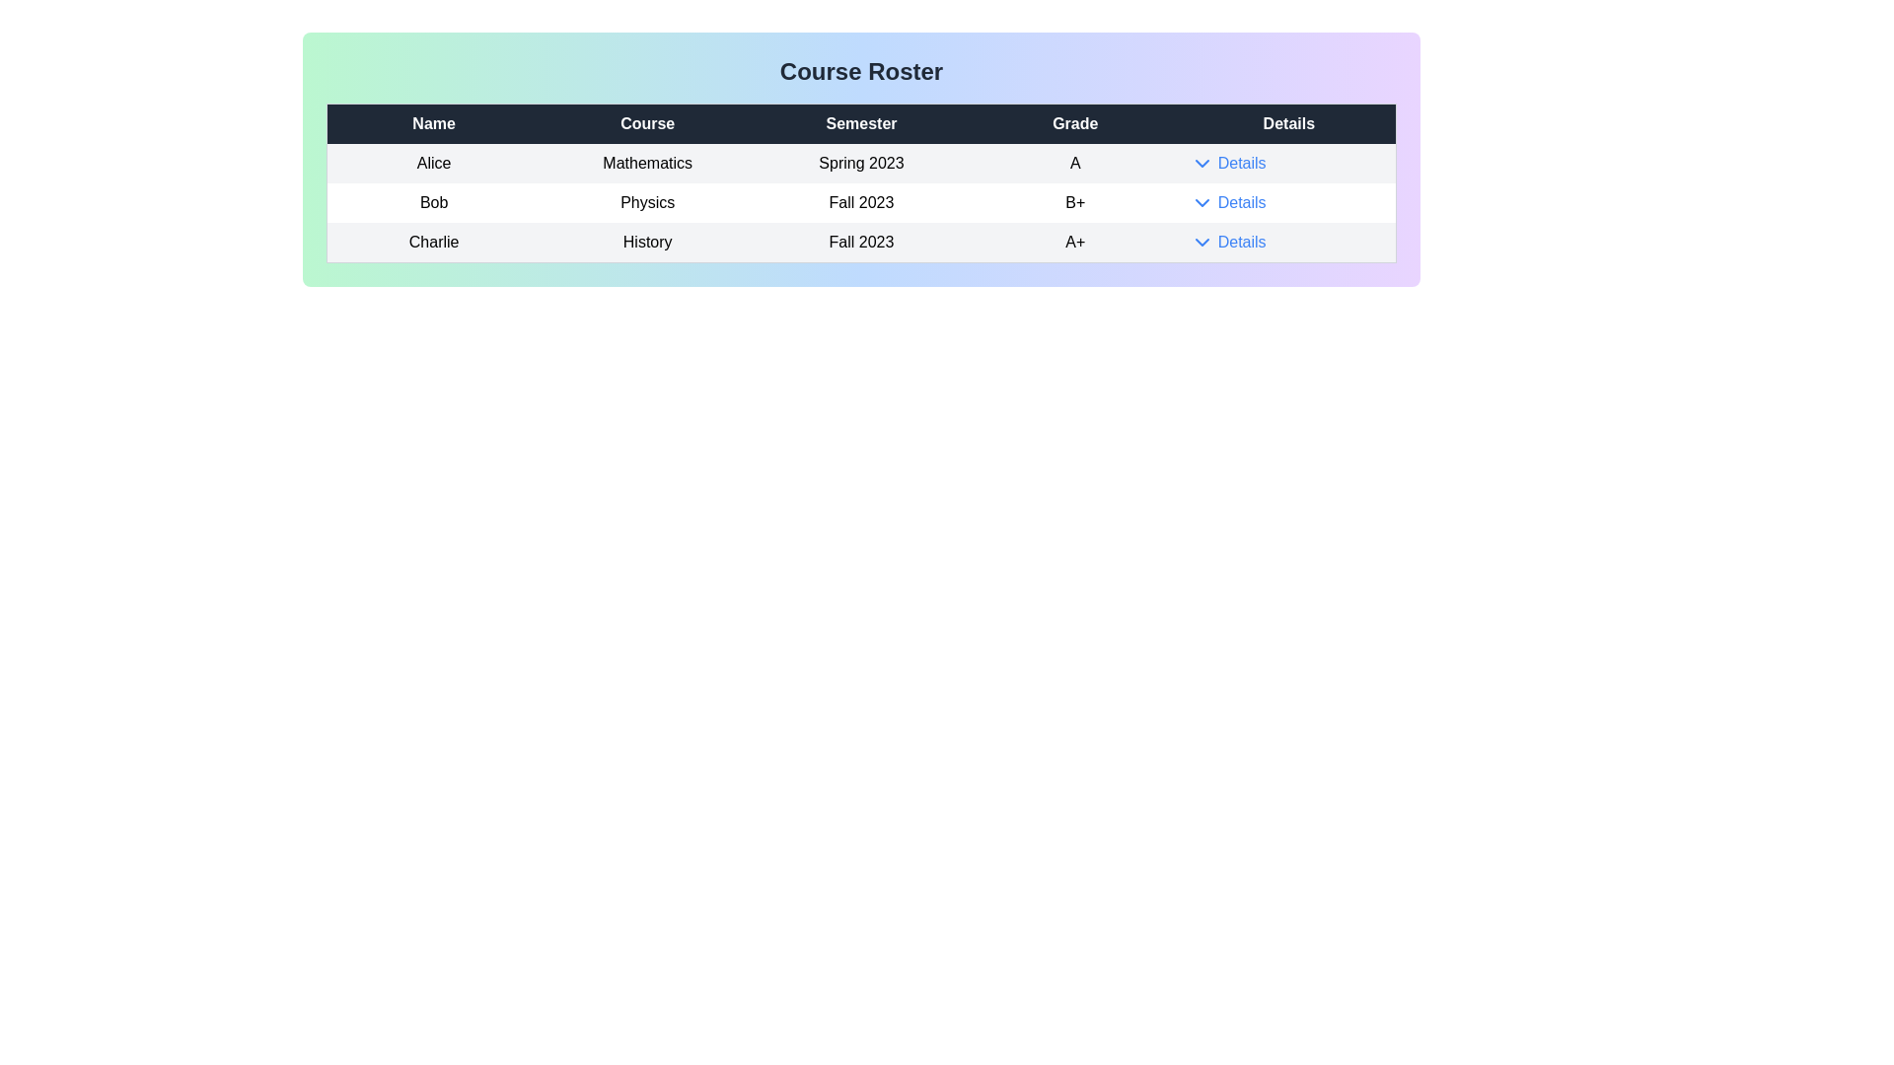  What do you see at coordinates (432, 123) in the screenshot?
I see `the 'Name' text label/header element, which is the first header in the grid layout and has white text on a dark background` at bounding box center [432, 123].